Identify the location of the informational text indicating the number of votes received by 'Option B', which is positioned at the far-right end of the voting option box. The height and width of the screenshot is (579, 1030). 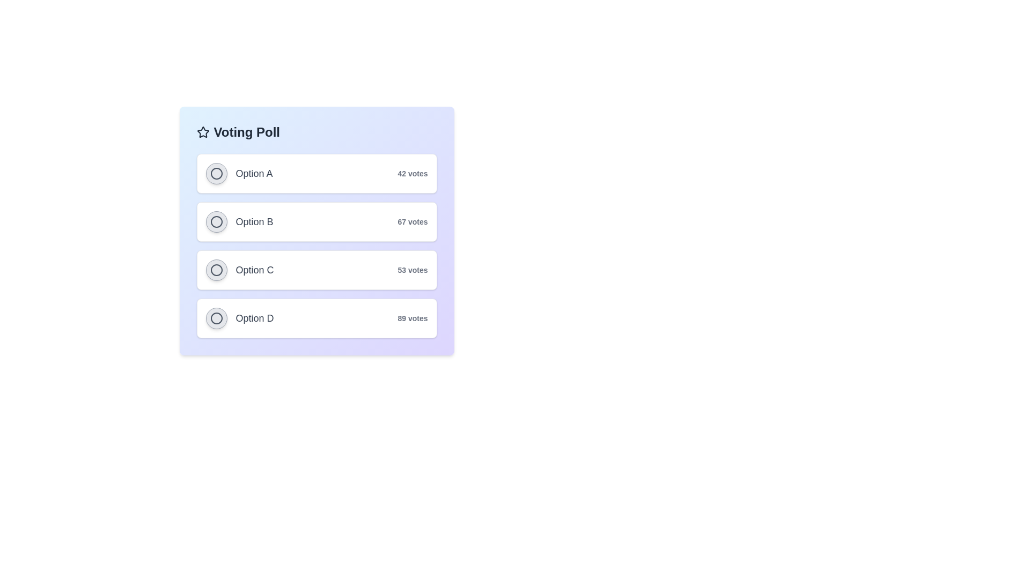
(412, 221).